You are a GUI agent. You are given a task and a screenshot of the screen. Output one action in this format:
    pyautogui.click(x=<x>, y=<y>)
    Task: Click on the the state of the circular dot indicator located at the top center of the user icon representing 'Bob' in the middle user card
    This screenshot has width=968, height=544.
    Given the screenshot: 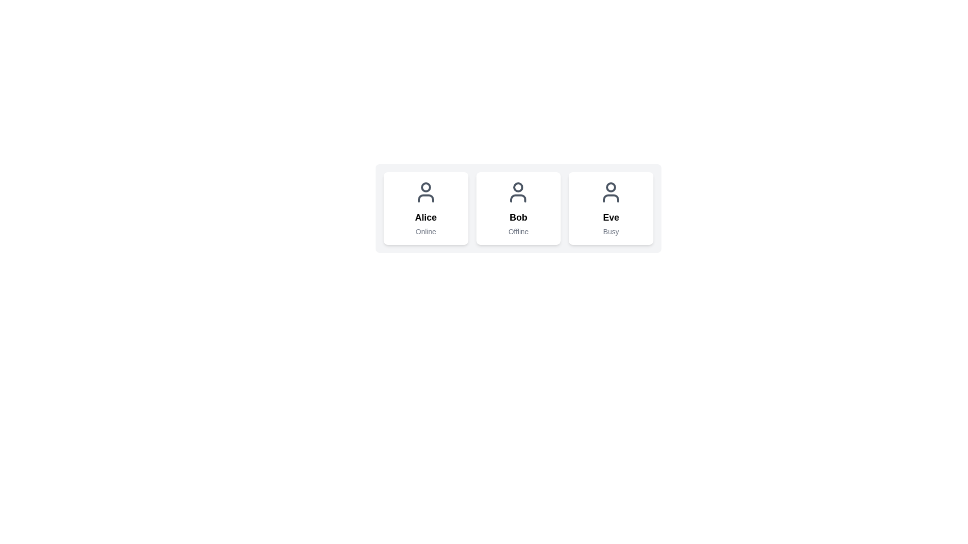 What is the action you would take?
    pyautogui.click(x=518, y=187)
    